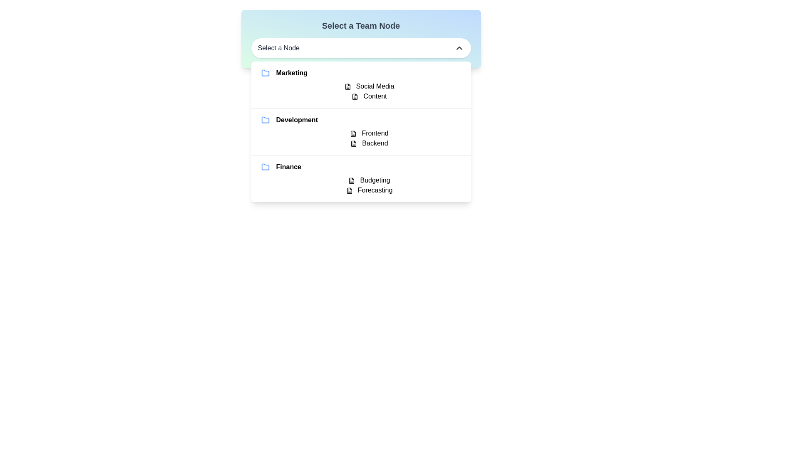 The height and width of the screenshot is (449, 799). Describe the element at coordinates (361, 131) in the screenshot. I see `a specific option in the dropdown menu located directly below the 'Select a Team Node' label, which contains sections for 'Marketing', 'Development', and 'Finance'` at that location.